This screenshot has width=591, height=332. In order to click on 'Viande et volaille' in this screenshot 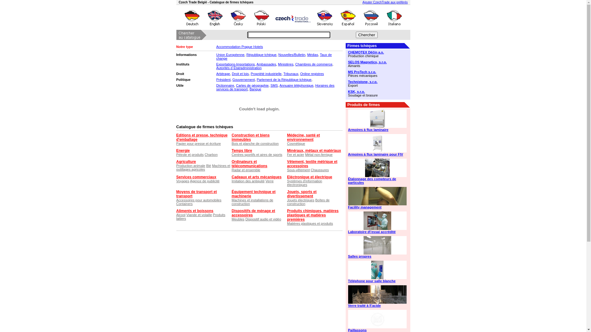, I will do `click(186, 214)`.